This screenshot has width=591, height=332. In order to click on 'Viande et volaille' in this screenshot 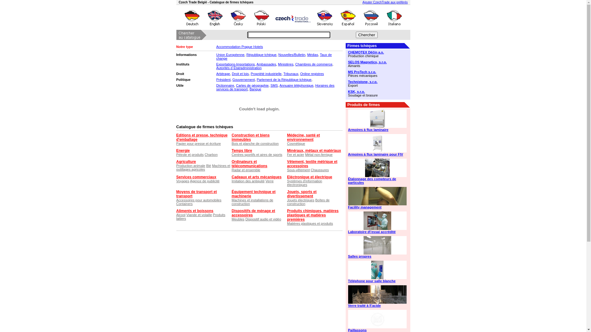, I will do `click(186, 214)`.